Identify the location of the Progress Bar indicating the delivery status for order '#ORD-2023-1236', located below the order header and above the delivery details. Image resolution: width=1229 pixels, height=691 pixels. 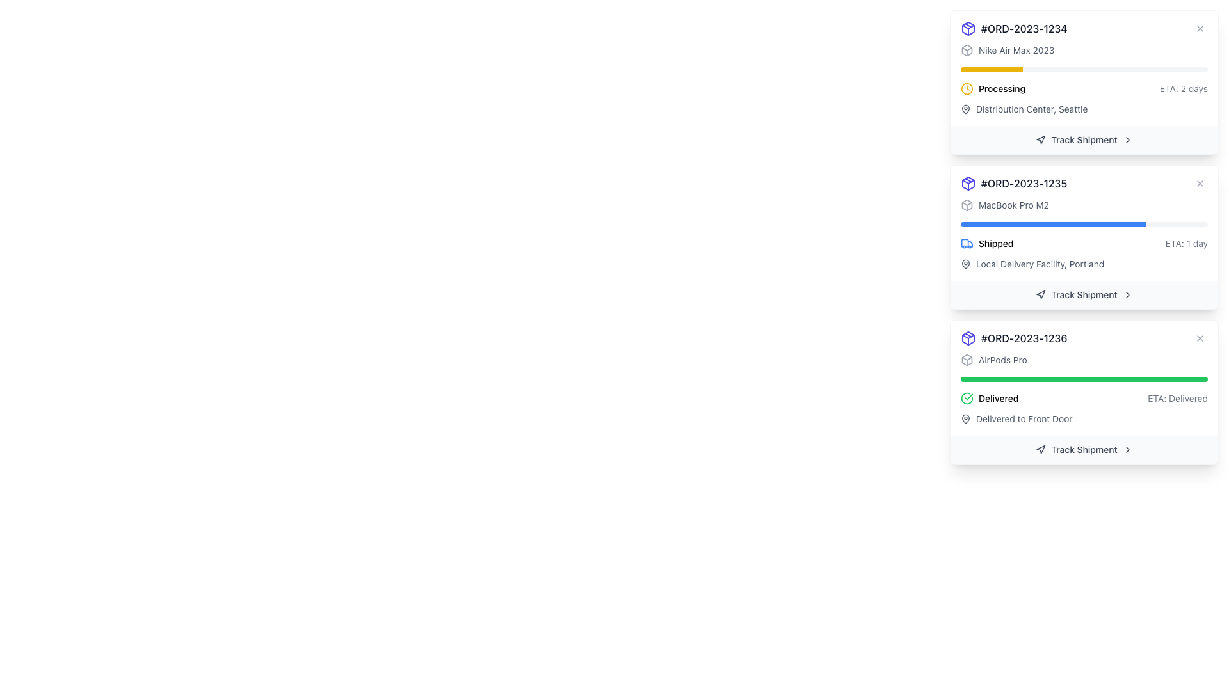
(1084, 377).